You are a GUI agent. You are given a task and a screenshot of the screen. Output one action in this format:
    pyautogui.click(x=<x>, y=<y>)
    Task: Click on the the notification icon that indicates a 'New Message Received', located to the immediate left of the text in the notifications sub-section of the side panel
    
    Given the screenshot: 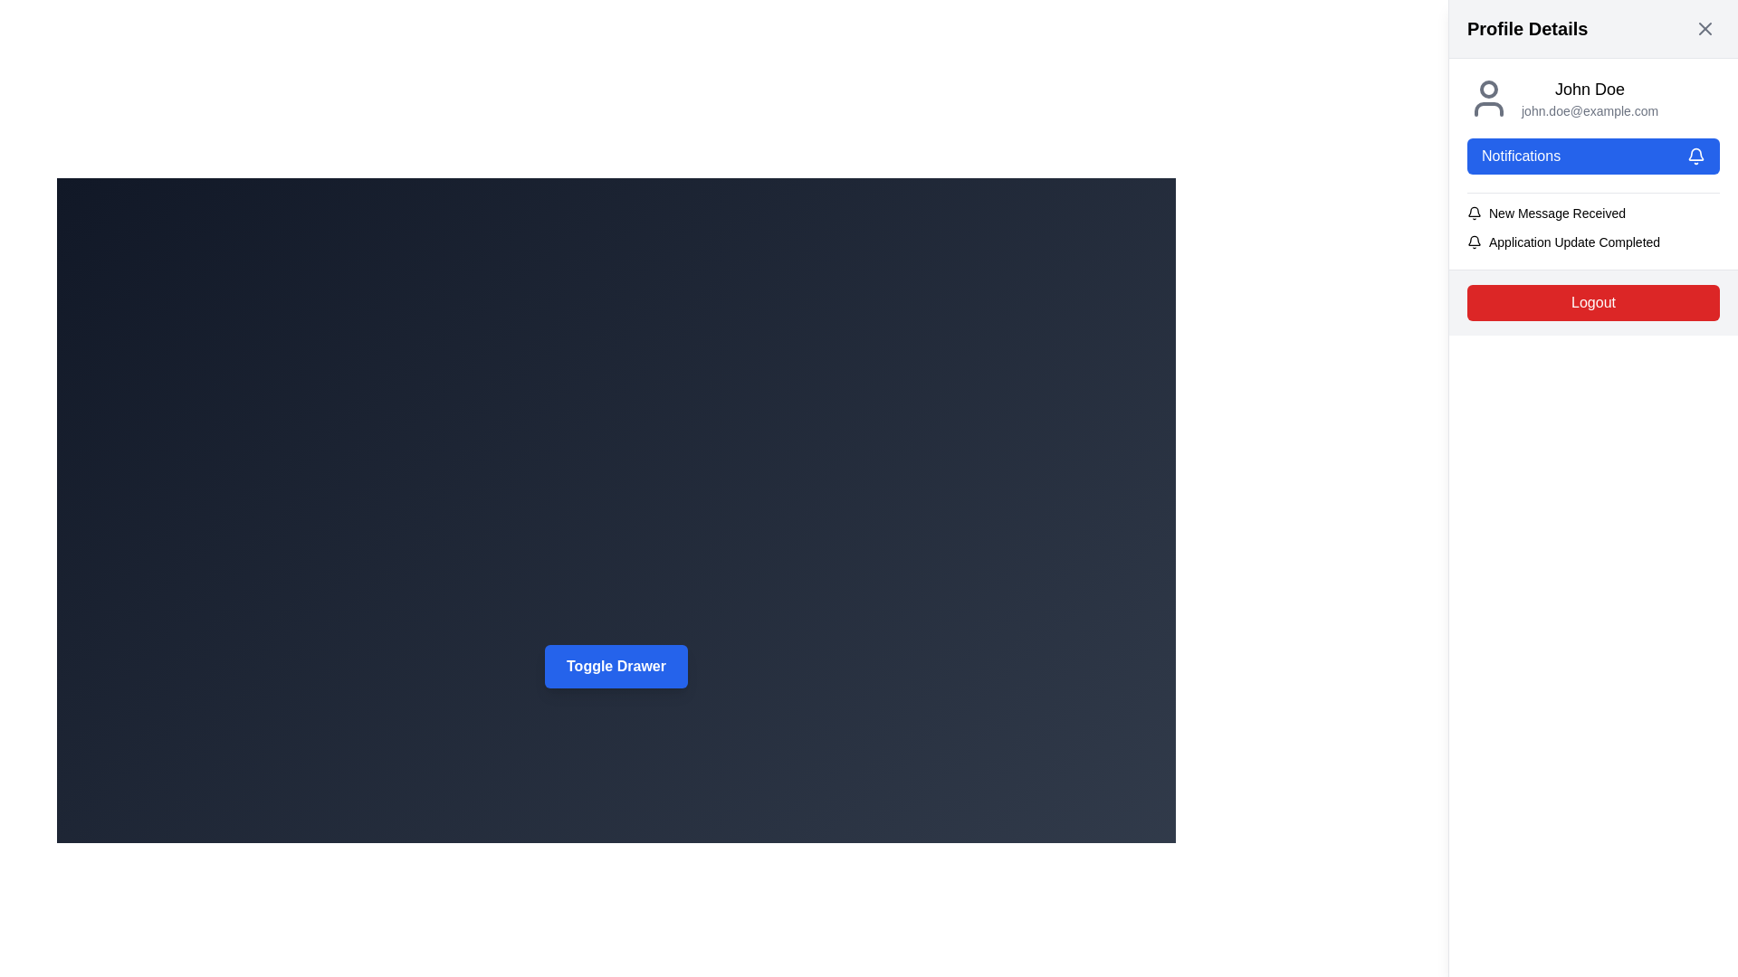 What is the action you would take?
    pyautogui.click(x=1474, y=212)
    